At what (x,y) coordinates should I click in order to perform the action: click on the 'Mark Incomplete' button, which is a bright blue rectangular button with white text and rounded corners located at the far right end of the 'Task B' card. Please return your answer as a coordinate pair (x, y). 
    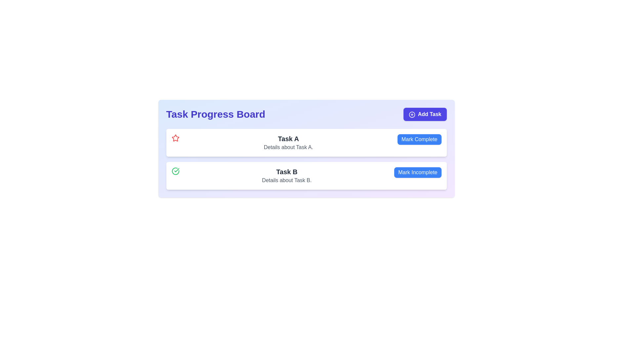
    Looking at the image, I should click on (417, 172).